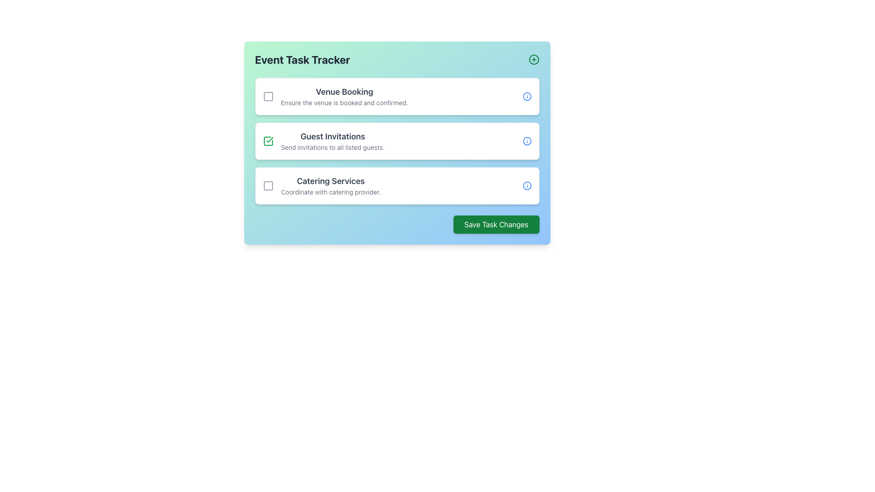 Image resolution: width=875 pixels, height=492 pixels. What do you see at coordinates (330, 185) in the screenshot?
I see `the text block titled 'Catering Services' which contains the subtext 'Coordinate with catering provider', located in the third row of task items` at bounding box center [330, 185].